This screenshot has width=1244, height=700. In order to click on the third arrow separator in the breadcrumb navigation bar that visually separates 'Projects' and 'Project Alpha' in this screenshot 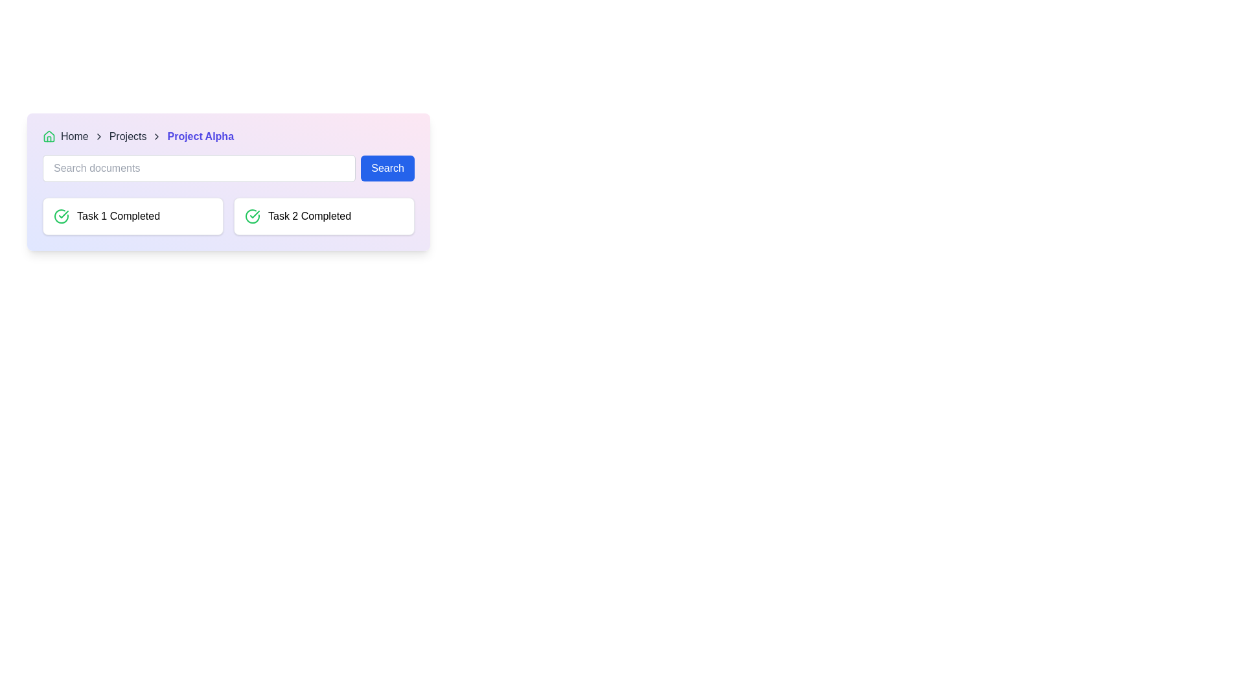, I will do `click(156, 137)`.